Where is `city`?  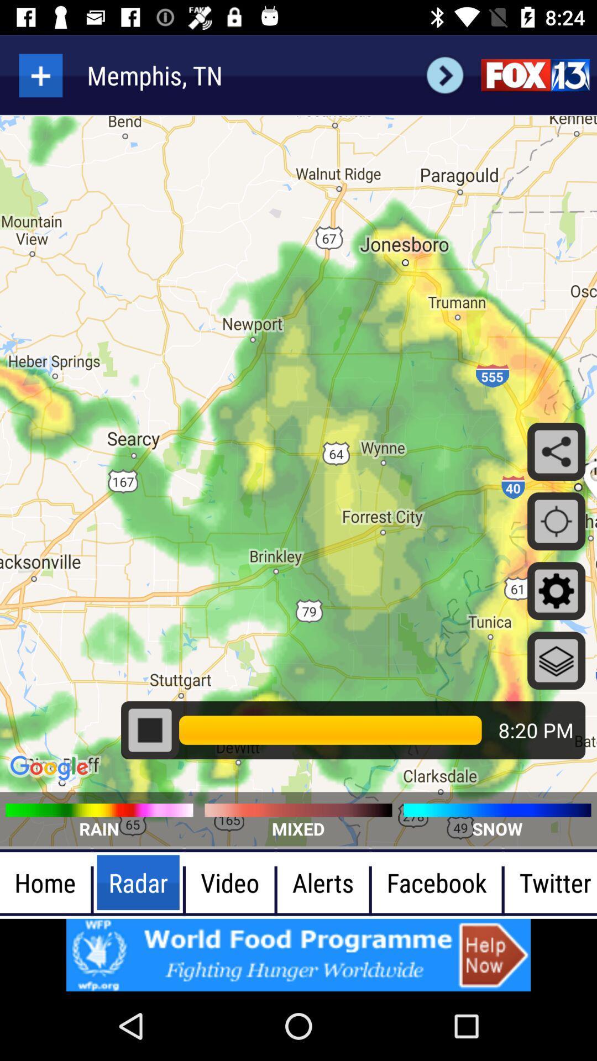
city is located at coordinates (40, 75).